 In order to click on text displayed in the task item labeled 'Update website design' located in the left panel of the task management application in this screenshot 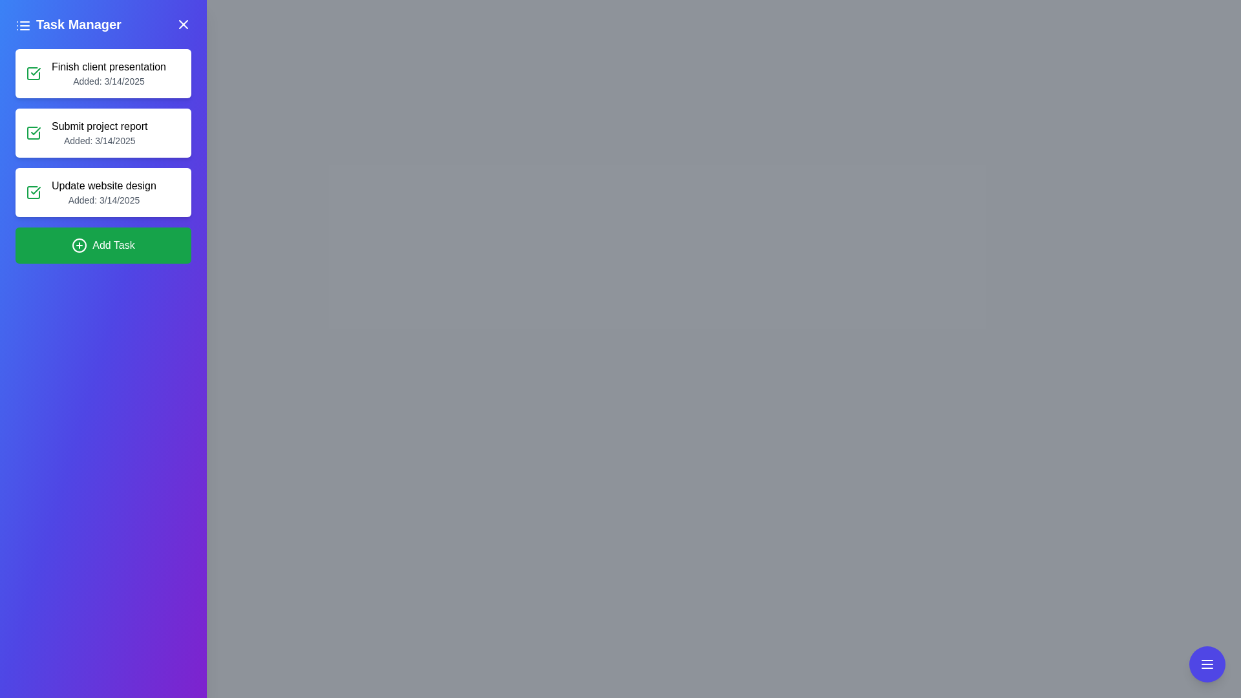, I will do `click(103, 192)`.